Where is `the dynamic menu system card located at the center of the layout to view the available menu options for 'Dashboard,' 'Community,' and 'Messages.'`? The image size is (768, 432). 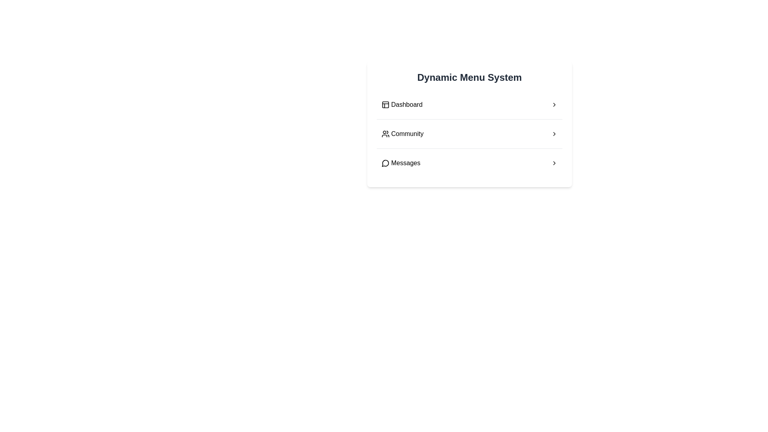
the dynamic menu system card located at the center of the layout to view the available menu options for 'Dashboard,' 'Community,' and 'Messages.' is located at coordinates (470, 124).